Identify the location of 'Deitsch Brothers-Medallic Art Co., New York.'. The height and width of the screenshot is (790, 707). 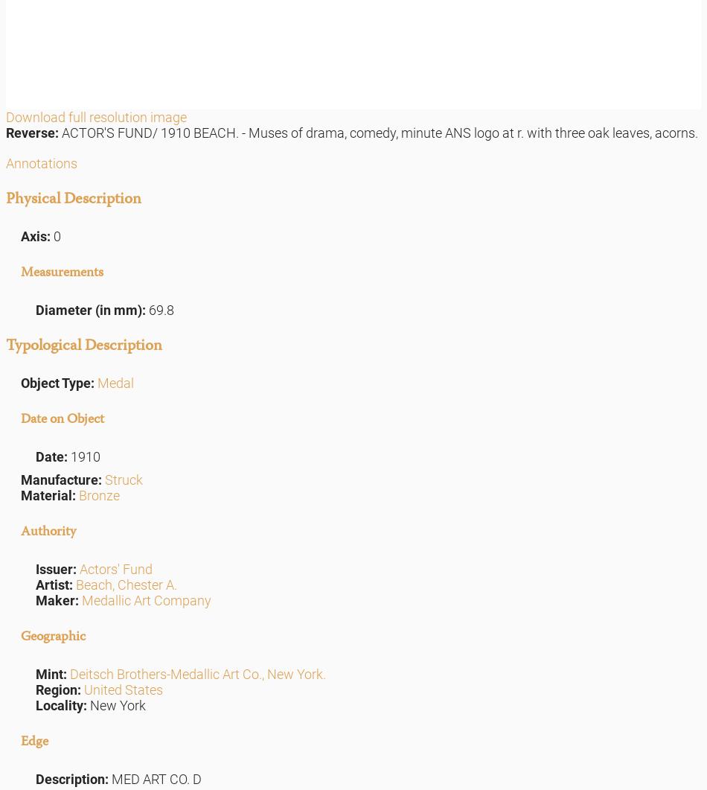
(197, 672).